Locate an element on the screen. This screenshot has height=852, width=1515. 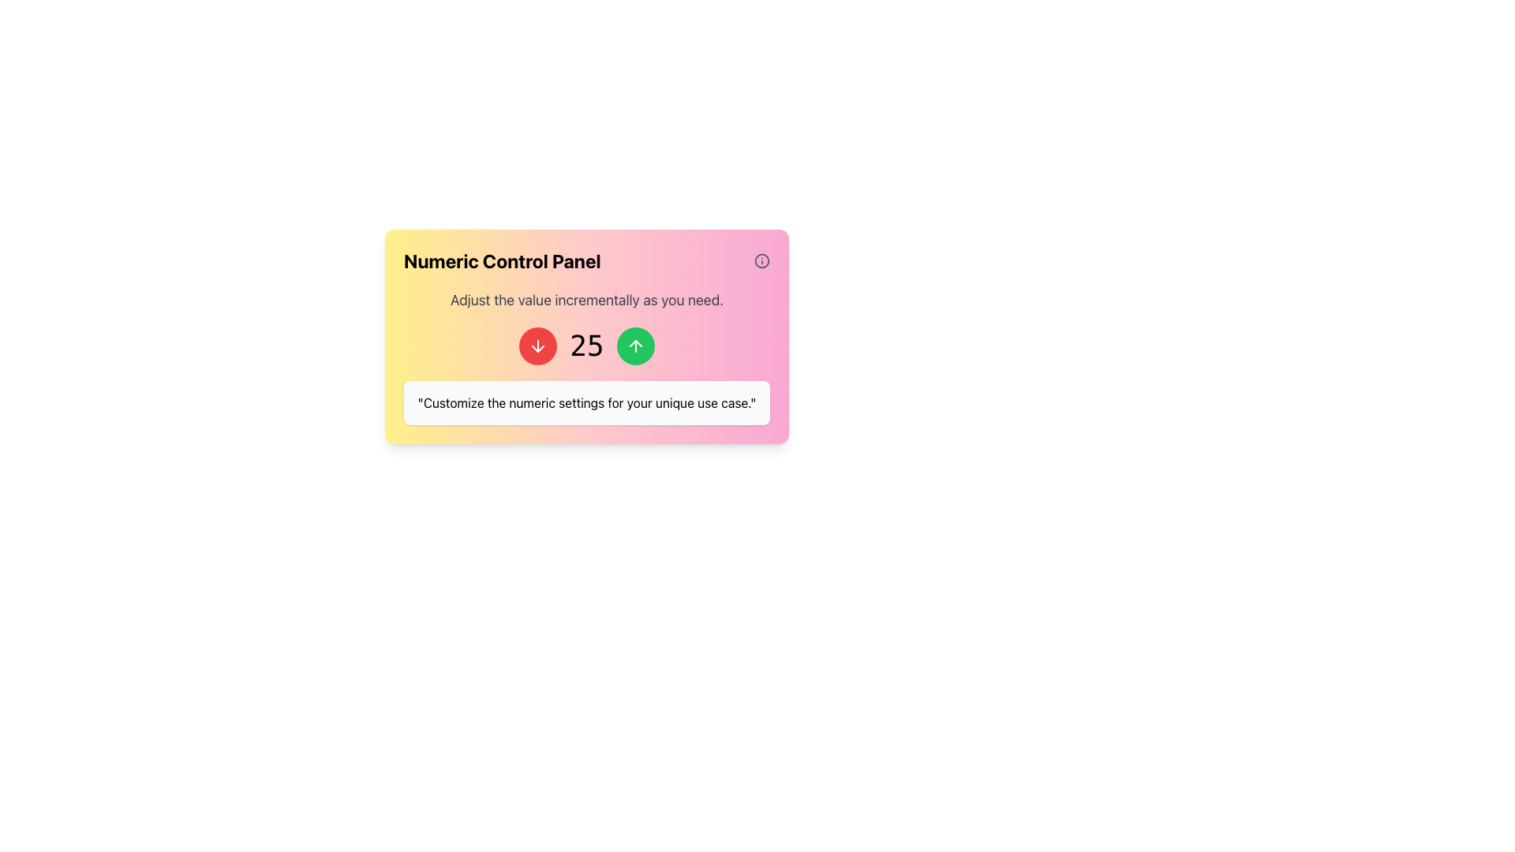
current numeric value displayed in the center text element between two circular buttons with arrows is located at coordinates (586, 346).